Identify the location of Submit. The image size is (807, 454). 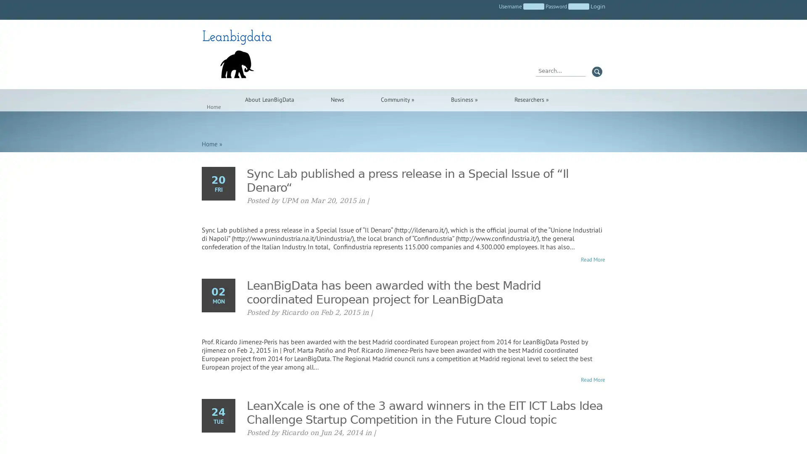
(596, 71).